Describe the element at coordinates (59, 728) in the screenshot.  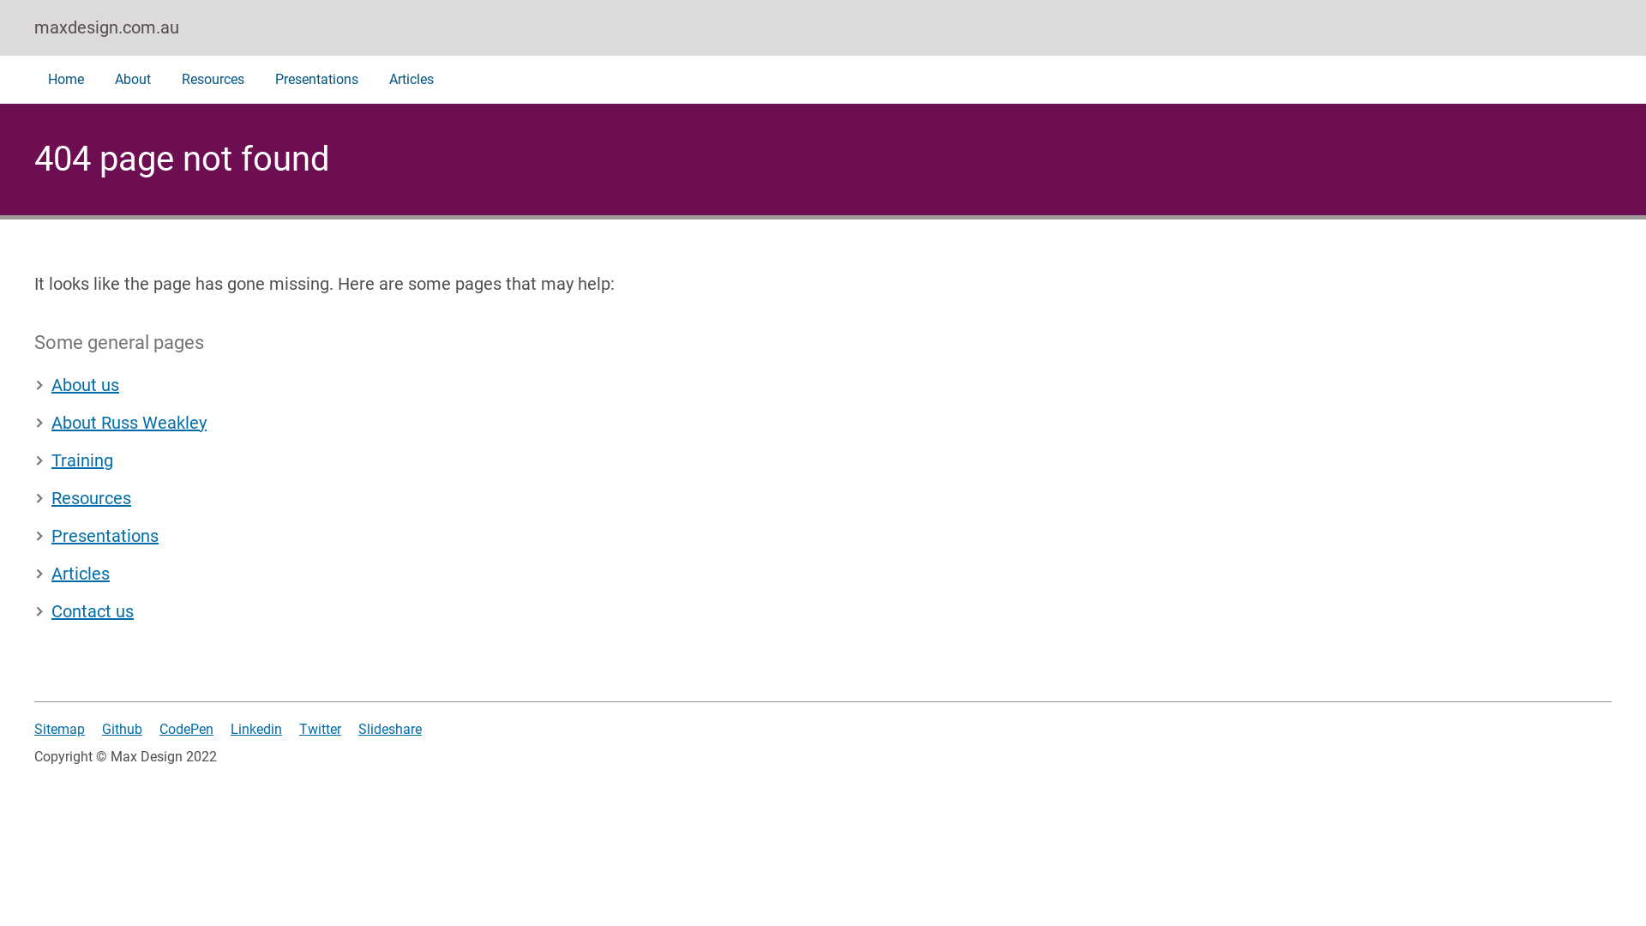
I see `'Sitemap'` at that location.